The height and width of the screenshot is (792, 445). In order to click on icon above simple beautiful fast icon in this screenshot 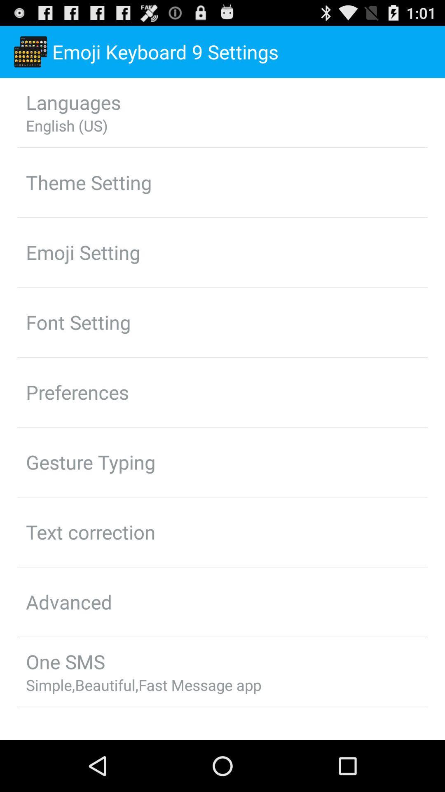, I will do `click(65, 661)`.